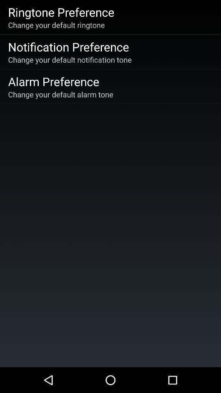 The image size is (221, 393). What do you see at coordinates (68, 47) in the screenshot?
I see `the icon above change your default icon` at bounding box center [68, 47].